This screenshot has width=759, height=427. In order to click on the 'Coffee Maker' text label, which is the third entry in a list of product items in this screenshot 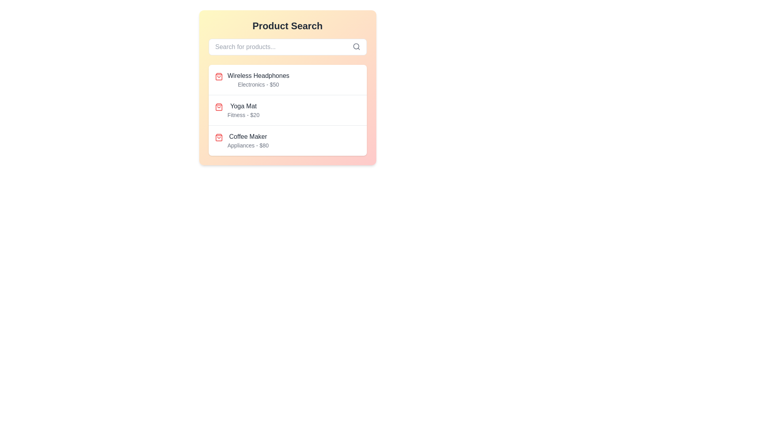, I will do `click(247, 136)`.